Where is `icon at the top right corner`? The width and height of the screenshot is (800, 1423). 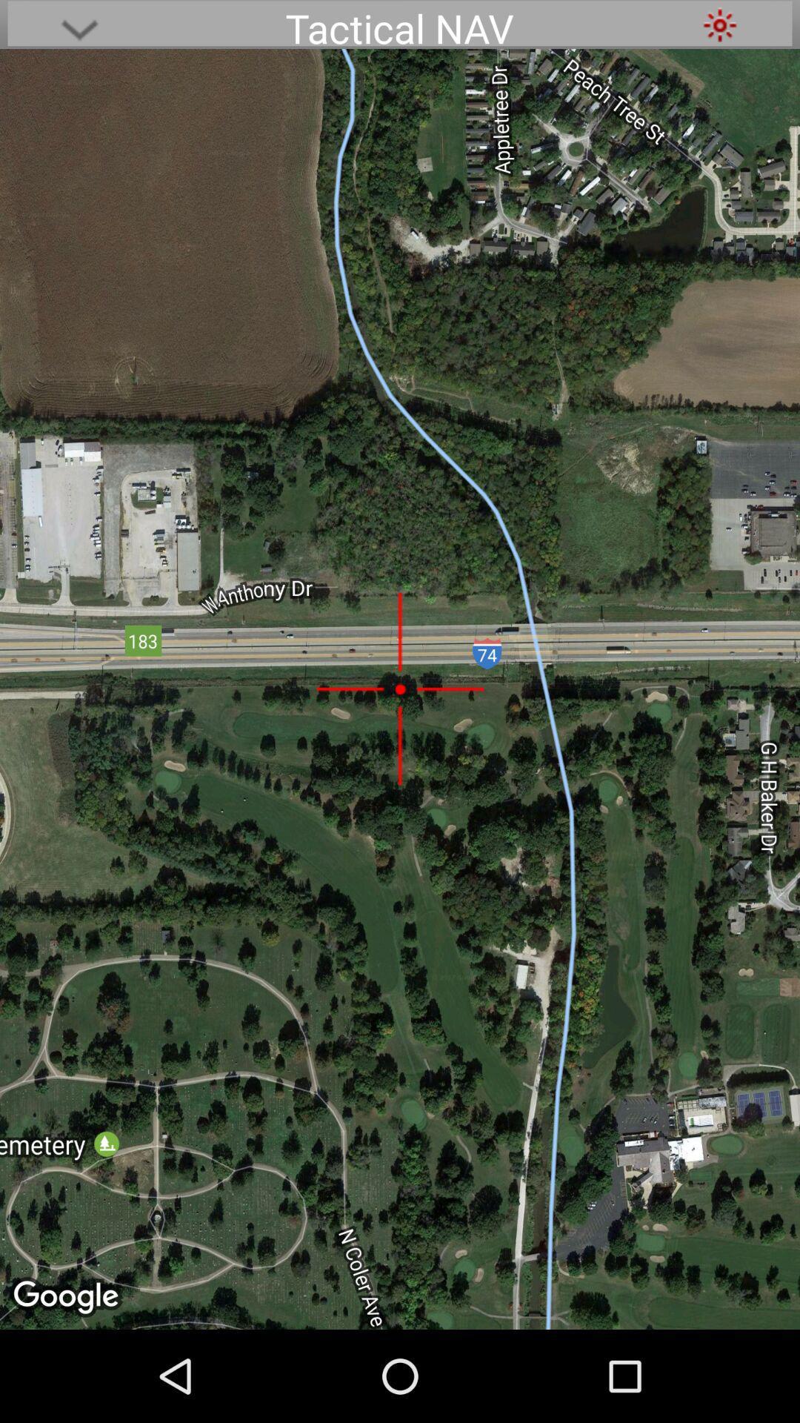
icon at the top right corner is located at coordinates (719, 24).